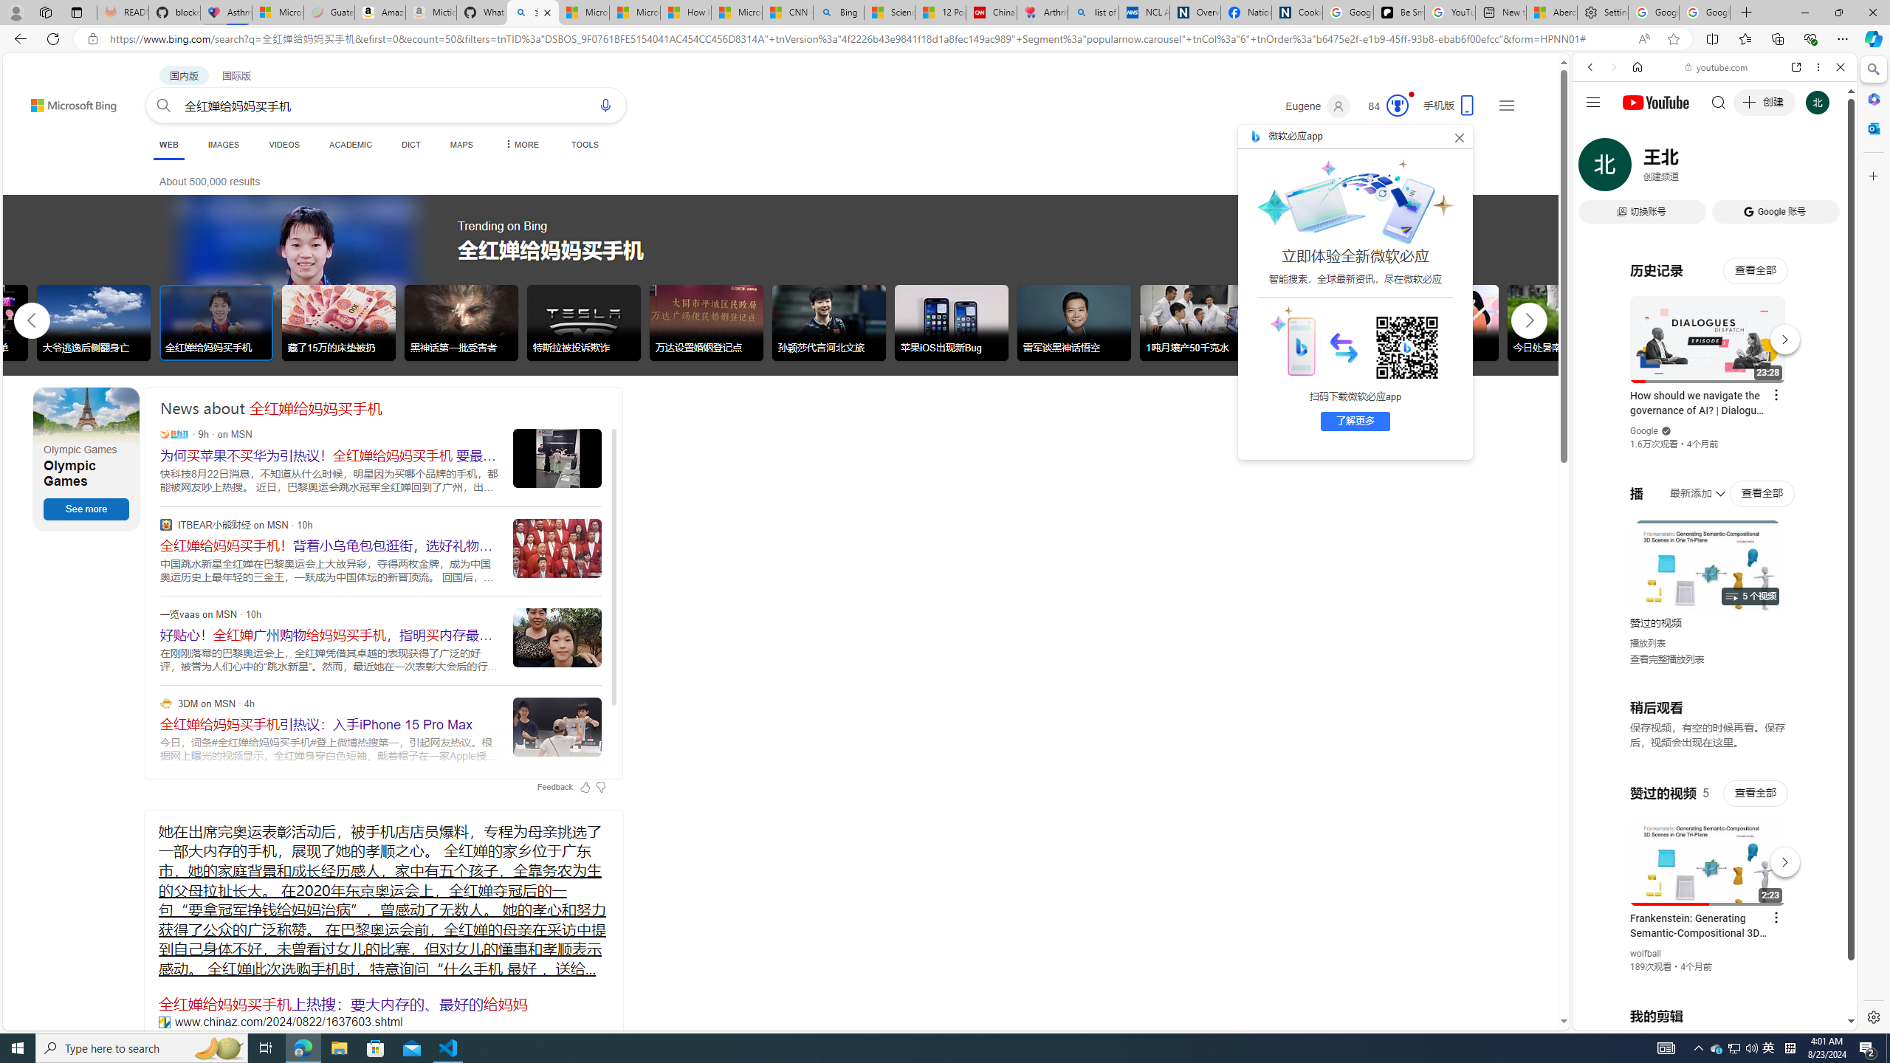 This screenshot has height=1063, width=1890. Describe the element at coordinates (1528, 320) in the screenshot. I see `'AutomationID: tob_right_arrow'` at that location.